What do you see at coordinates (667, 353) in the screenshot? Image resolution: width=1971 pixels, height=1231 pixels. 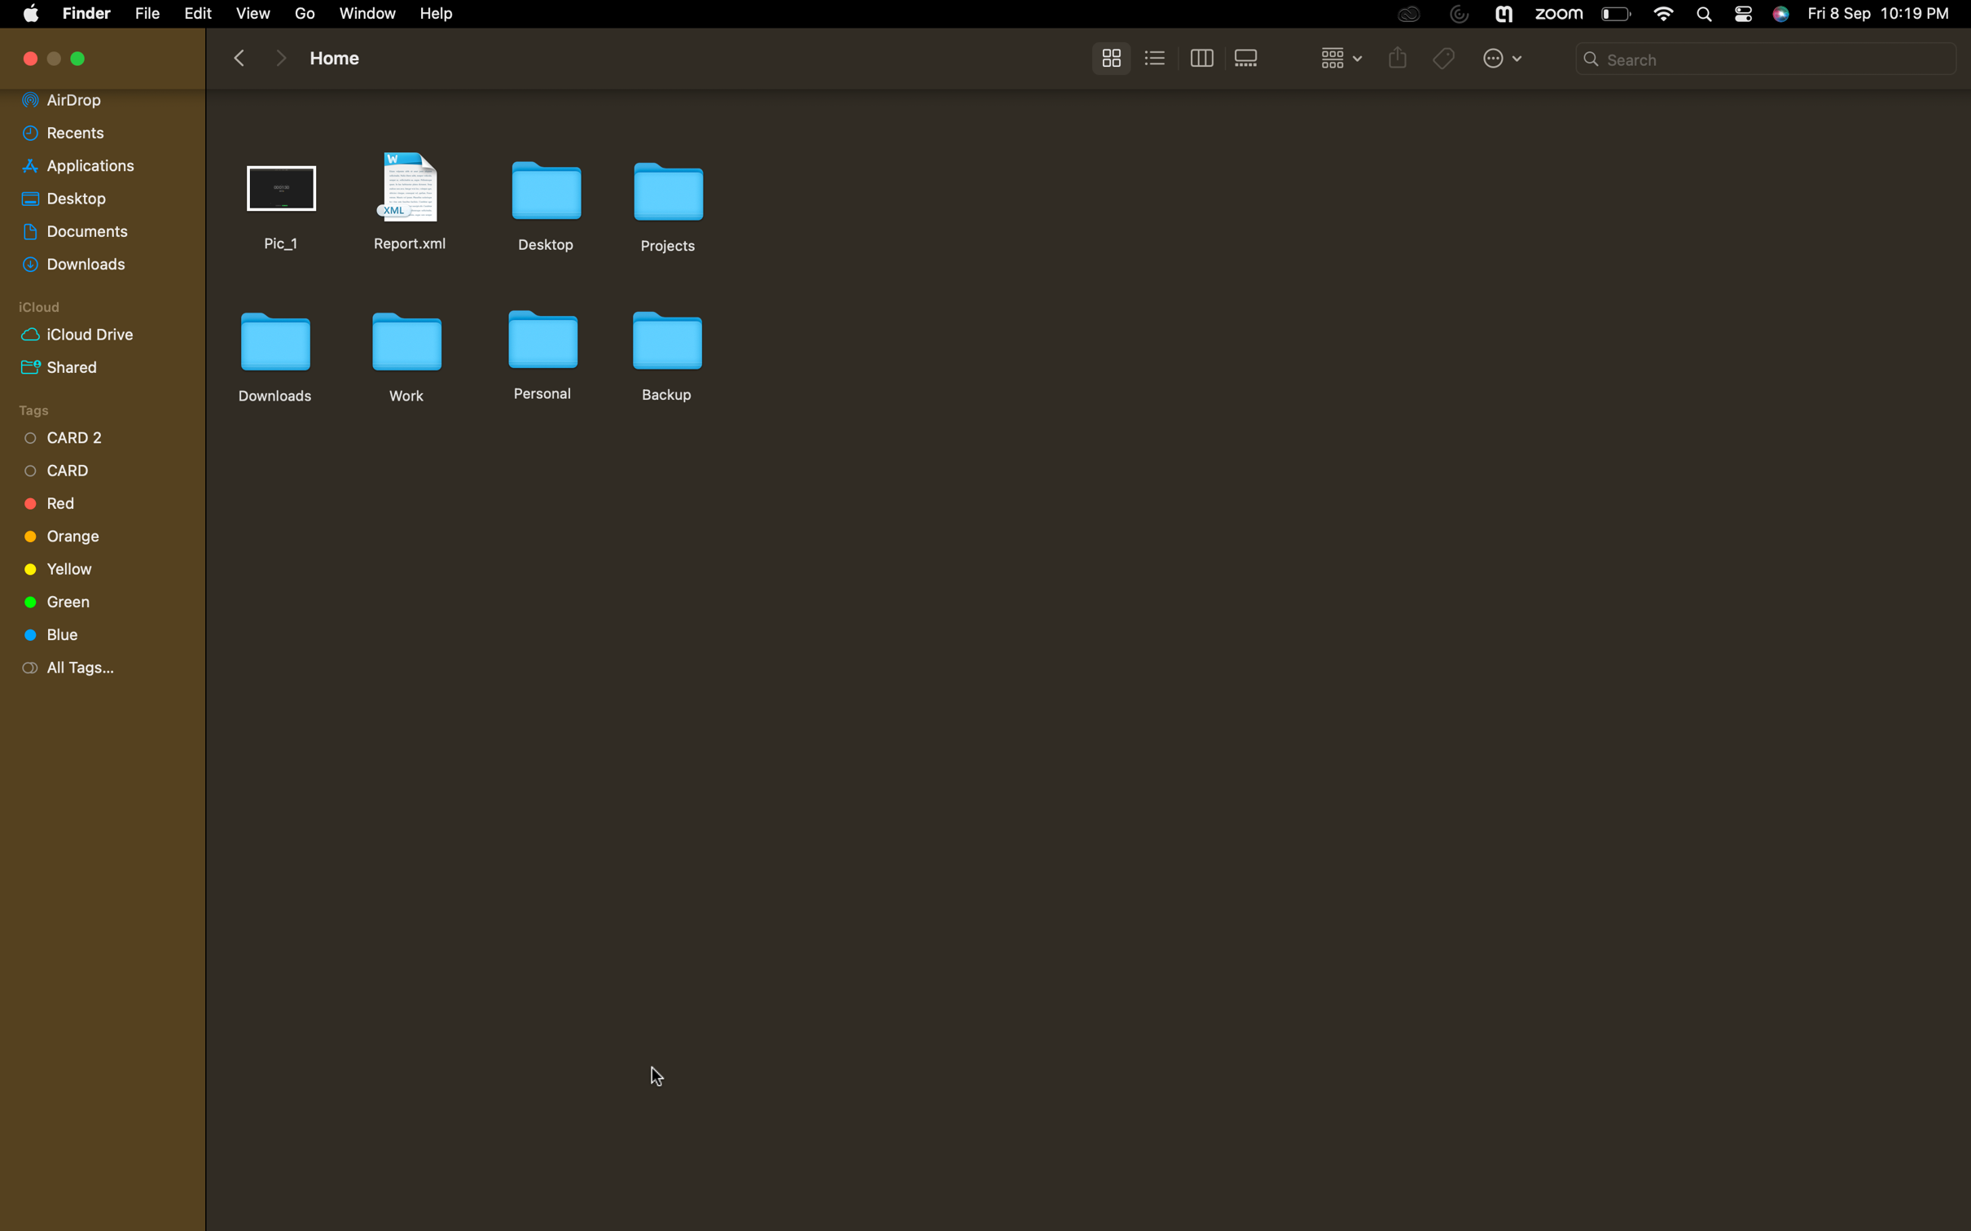 I see `Duplicate the backup folder` at bounding box center [667, 353].